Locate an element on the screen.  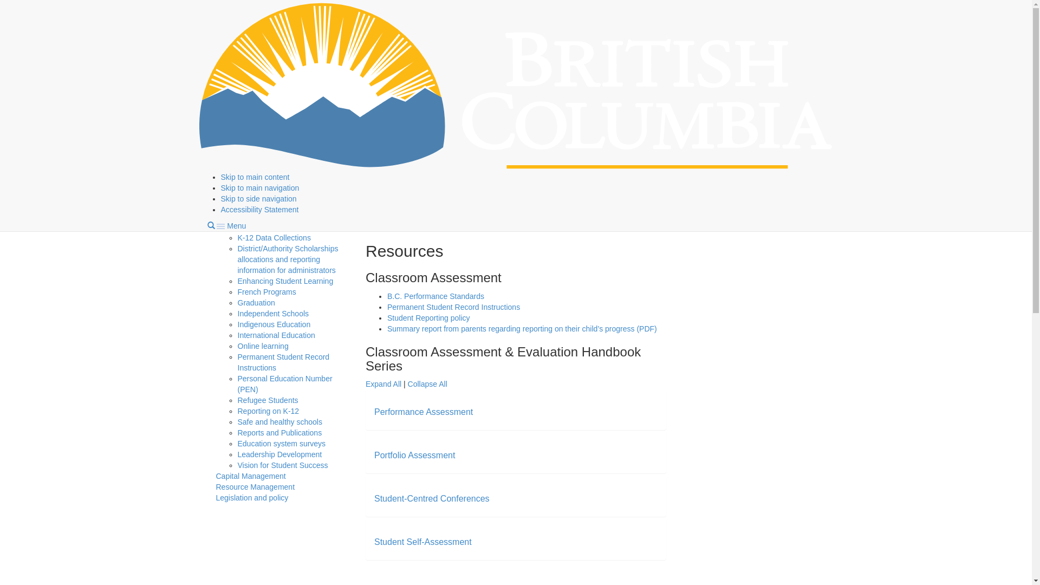
'Enhancing Student Learning' is located at coordinates (285, 281).